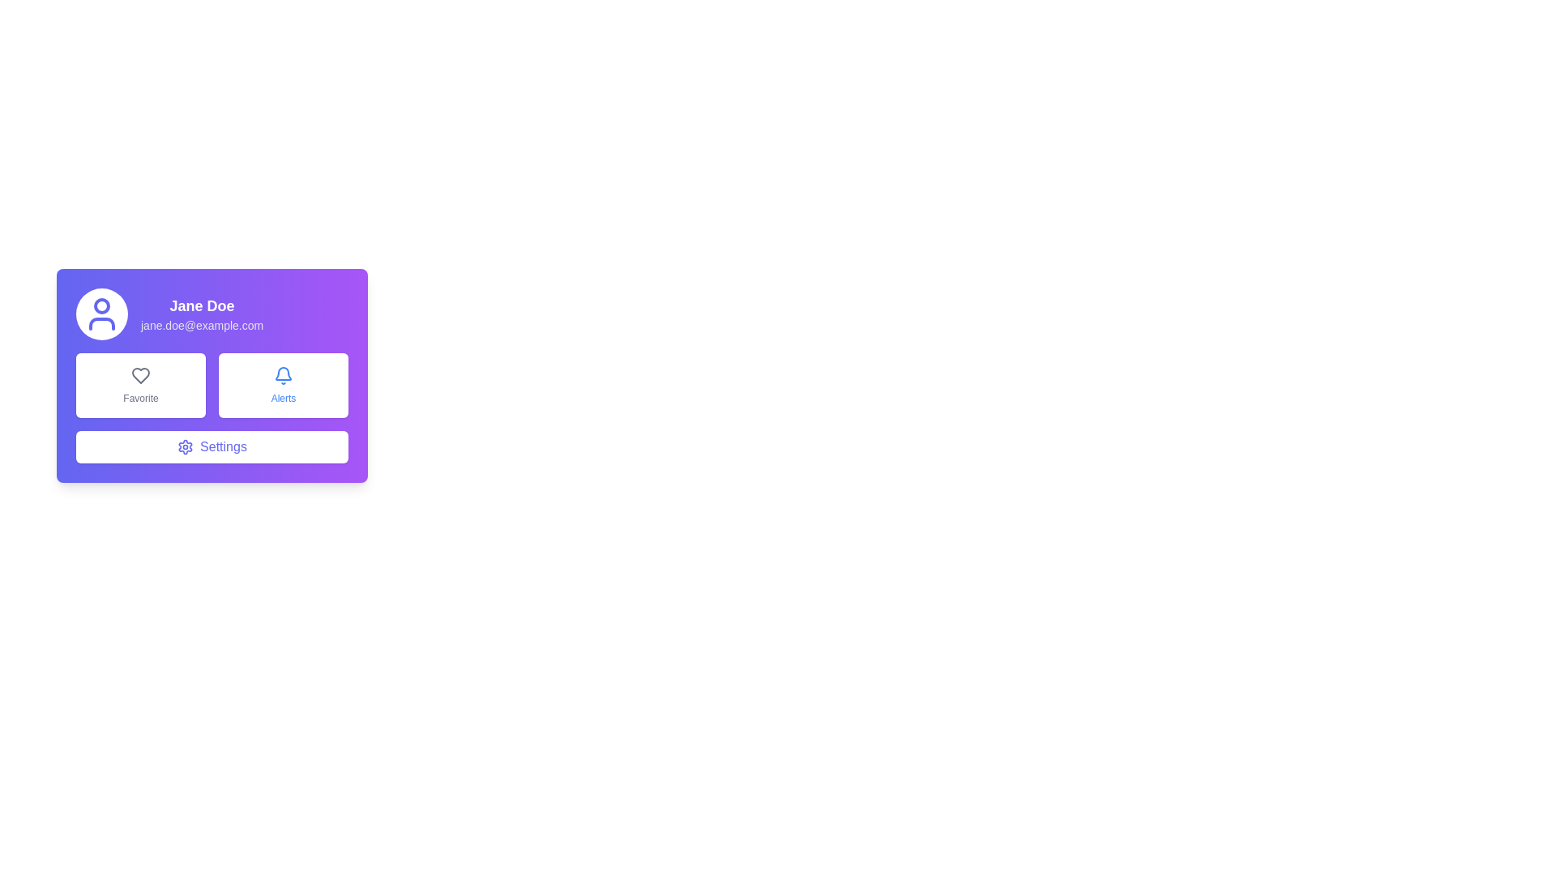  Describe the element at coordinates (284, 373) in the screenshot. I see `the notification icon located in the right segment of the alert section within the card component` at that location.